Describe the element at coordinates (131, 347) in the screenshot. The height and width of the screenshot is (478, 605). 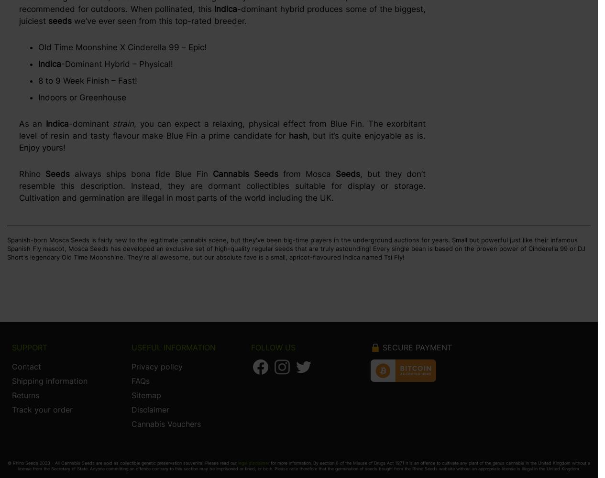
I see `'Useful information'` at that location.